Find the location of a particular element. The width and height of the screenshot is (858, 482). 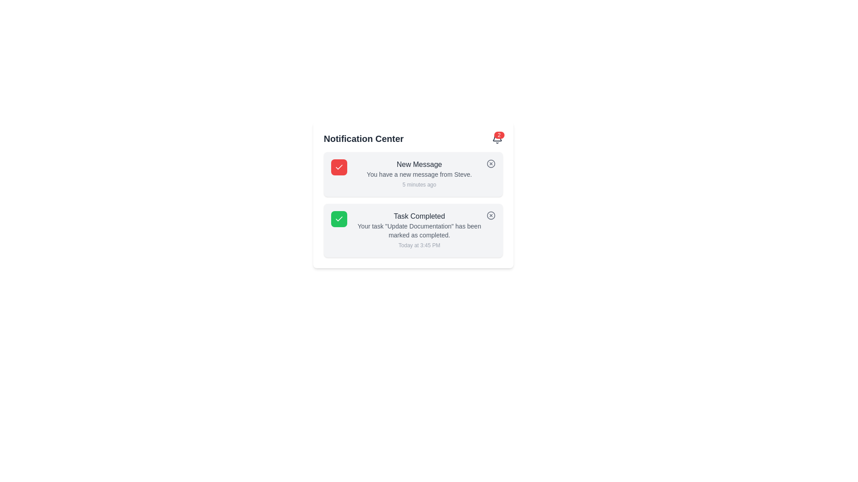

the Icon Button that visually indicates task completion, located to the left of the text 'Task Completed' within the notification card is located at coordinates (338, 219).